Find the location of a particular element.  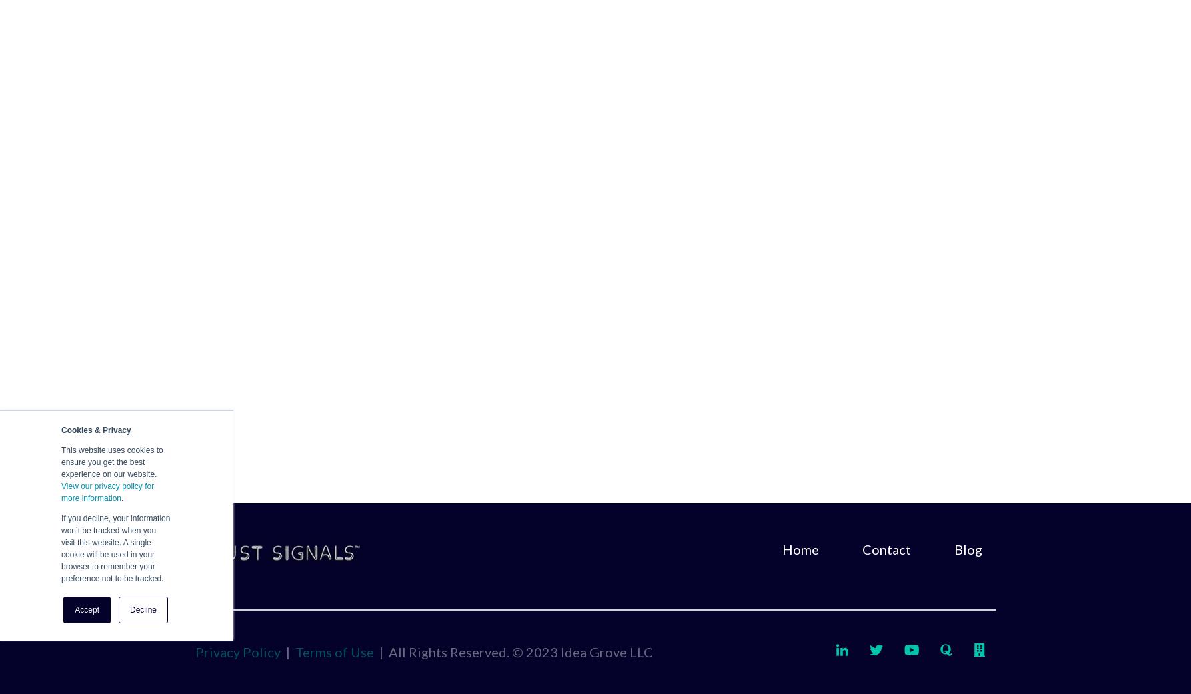

'Decline' is located at coordinates (142, 609).